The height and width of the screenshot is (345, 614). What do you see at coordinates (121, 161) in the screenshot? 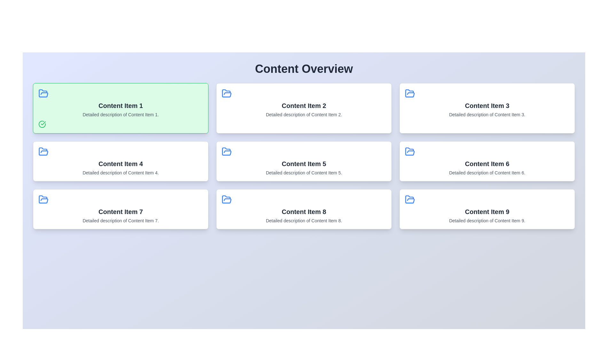
I see `to interact with the card titled 'Content Item 4', which is a rectangular card with an icon at the top-left corner, located in the second row of a three-column grid layout` at bounding box center [121, 161].